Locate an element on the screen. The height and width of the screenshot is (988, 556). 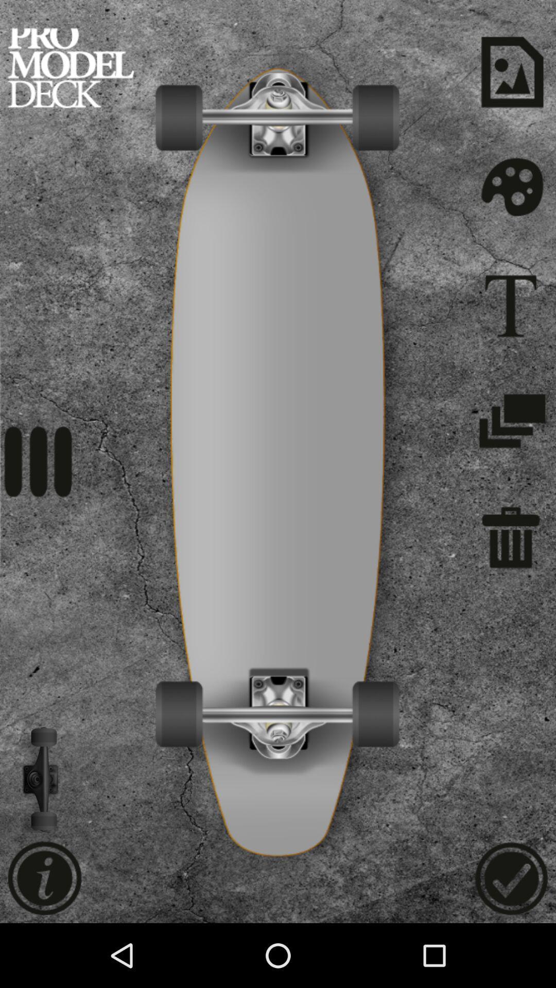
the layers icon is located at coordinates (511, 452).